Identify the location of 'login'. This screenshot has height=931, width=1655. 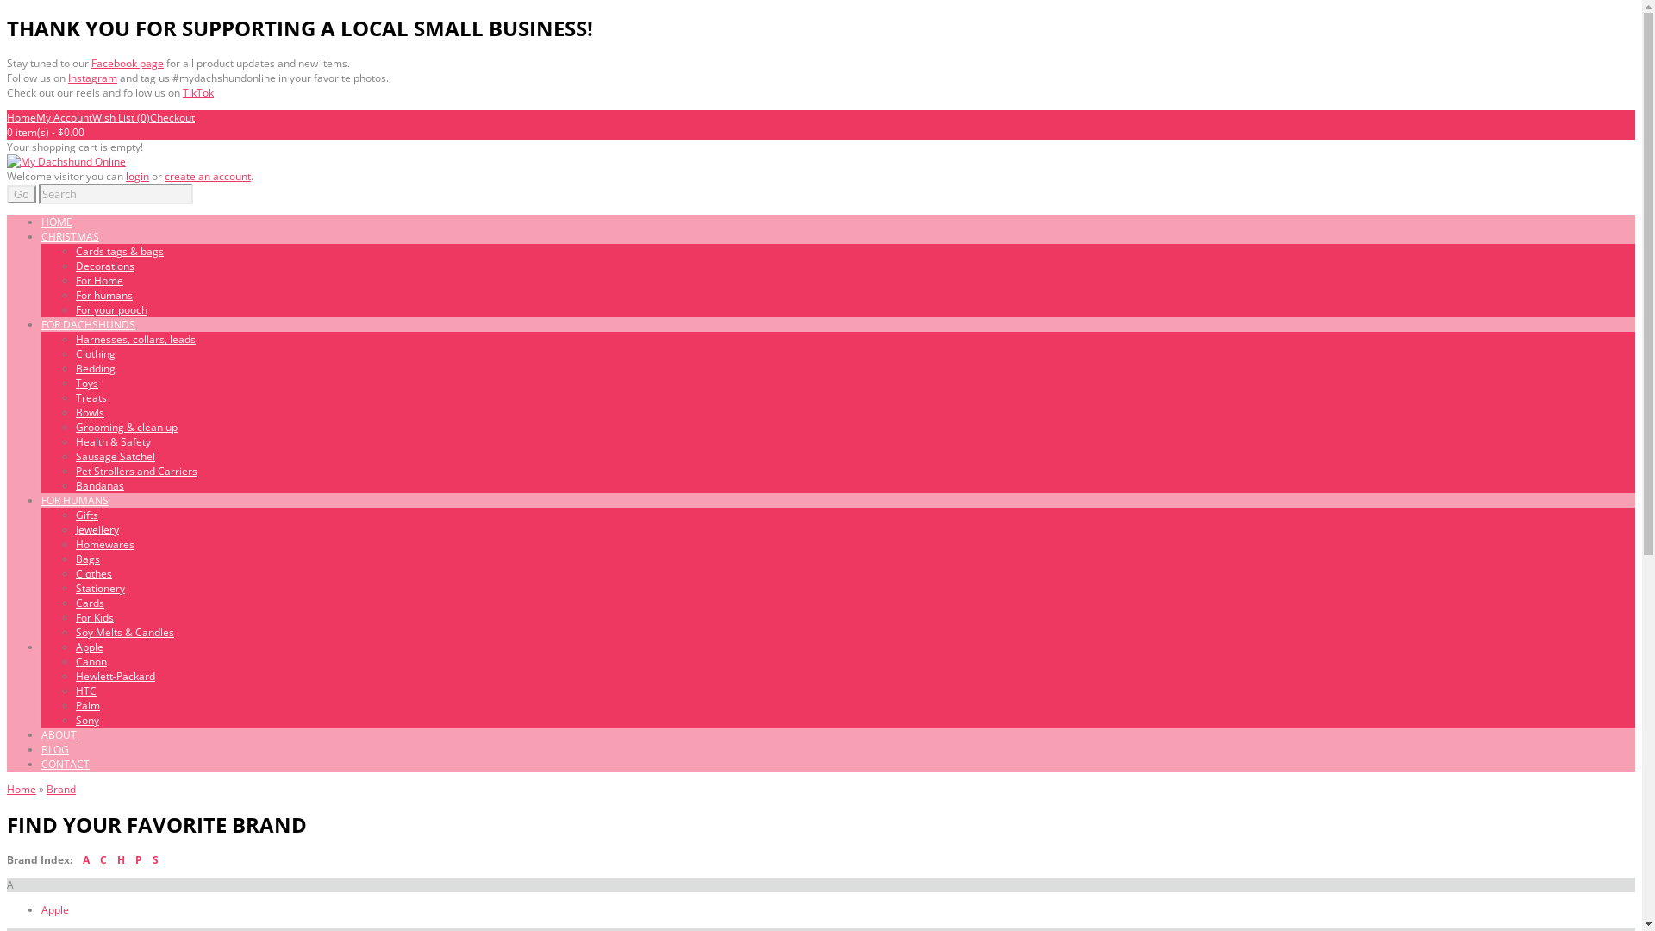
(124, 176).